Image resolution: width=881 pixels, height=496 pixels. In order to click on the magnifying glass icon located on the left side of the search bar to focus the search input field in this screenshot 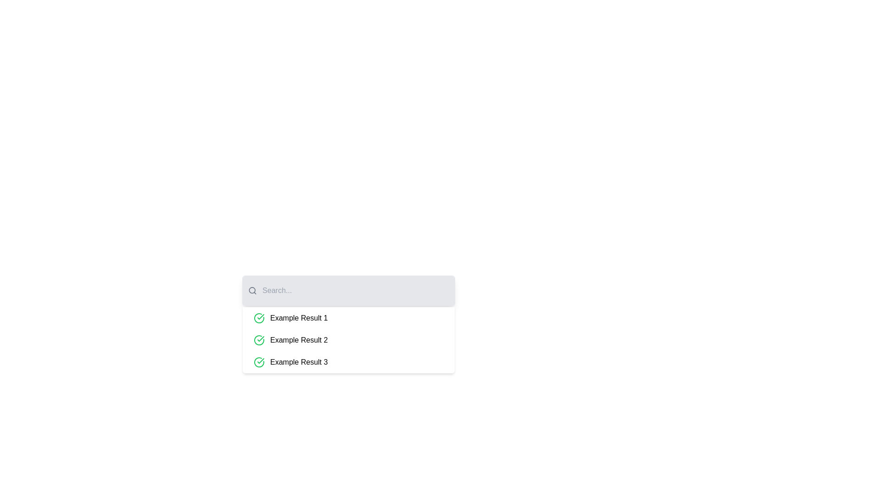, I will do `click(252, 290)`.